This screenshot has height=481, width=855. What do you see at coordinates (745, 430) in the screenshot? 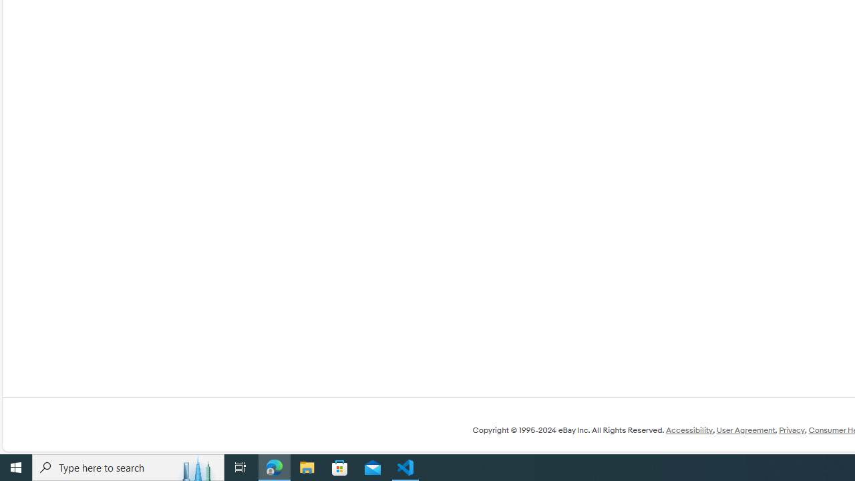
I see `'User Agreement'` at bounding box center [745, 430].